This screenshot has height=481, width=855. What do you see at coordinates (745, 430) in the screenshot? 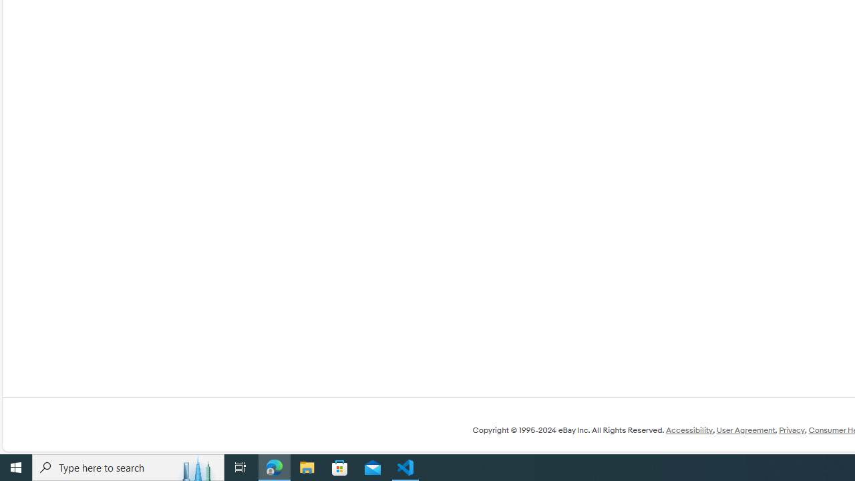
I see `'User Agreement'` at bounding box center [745, 430].